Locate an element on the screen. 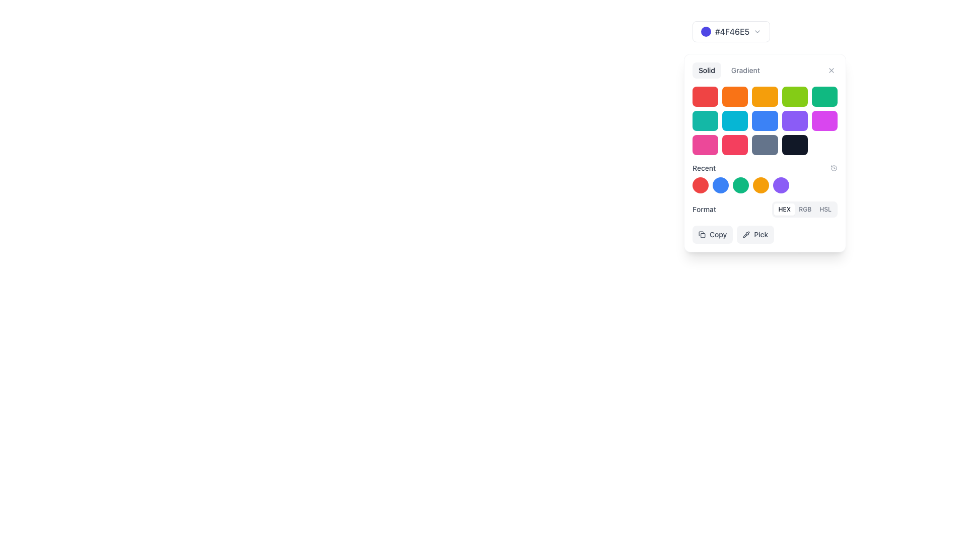  the first button in the top-left corner of the grid layout, which has a solid red background color and a slightly rounded border is located at coordinates (705, 97).